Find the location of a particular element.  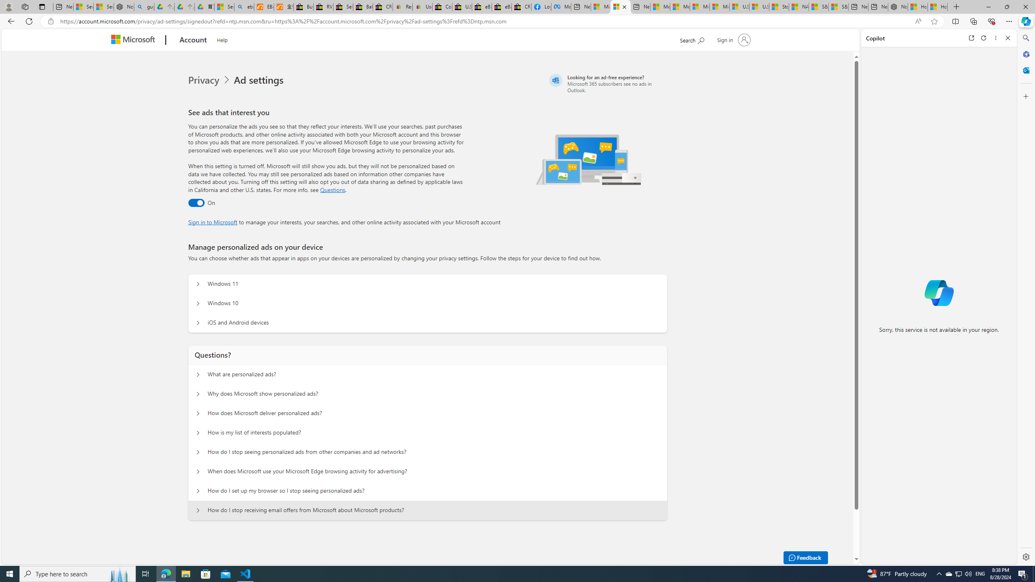

'Browser essentials' is located at coordinates (991, 21).